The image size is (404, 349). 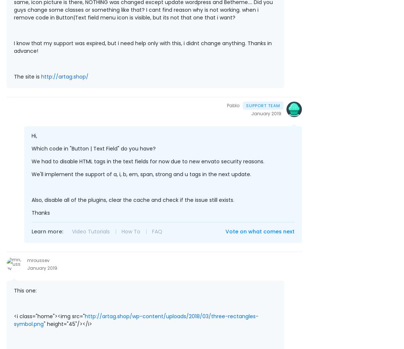 What do you see at coordinates (157, 231) in the screenshot?
I see `'FAQ'` at bounding box center [157, 231].